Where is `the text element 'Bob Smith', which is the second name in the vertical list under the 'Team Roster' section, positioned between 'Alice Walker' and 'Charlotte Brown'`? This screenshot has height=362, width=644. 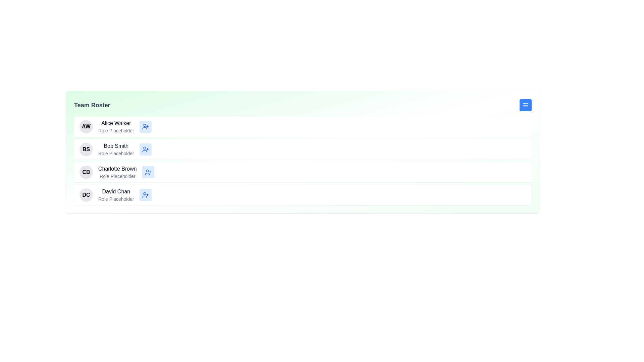
the text element 'Bob Smith', which is the second name in the vertical list under the 'Team Roster' section, positioned between 'Alice Walker' and 'Charlotte Brown' is located at coordinates (116, 145).